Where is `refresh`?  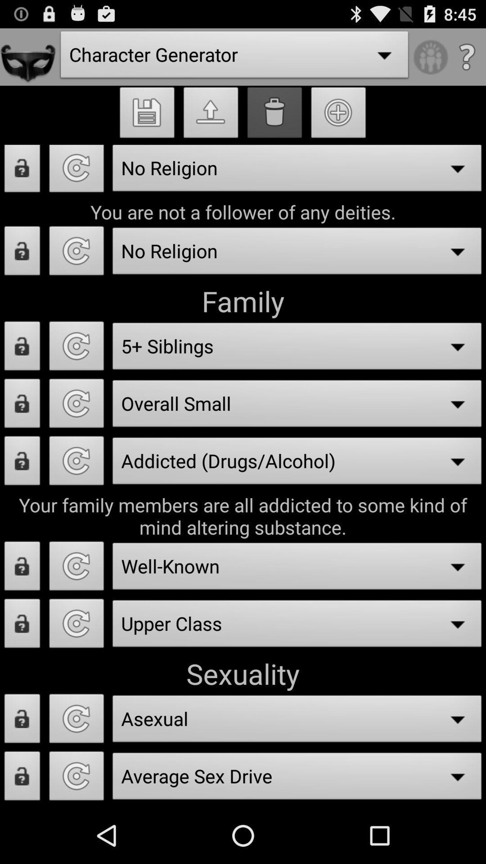 refresh is located at coordinates (76, 405).